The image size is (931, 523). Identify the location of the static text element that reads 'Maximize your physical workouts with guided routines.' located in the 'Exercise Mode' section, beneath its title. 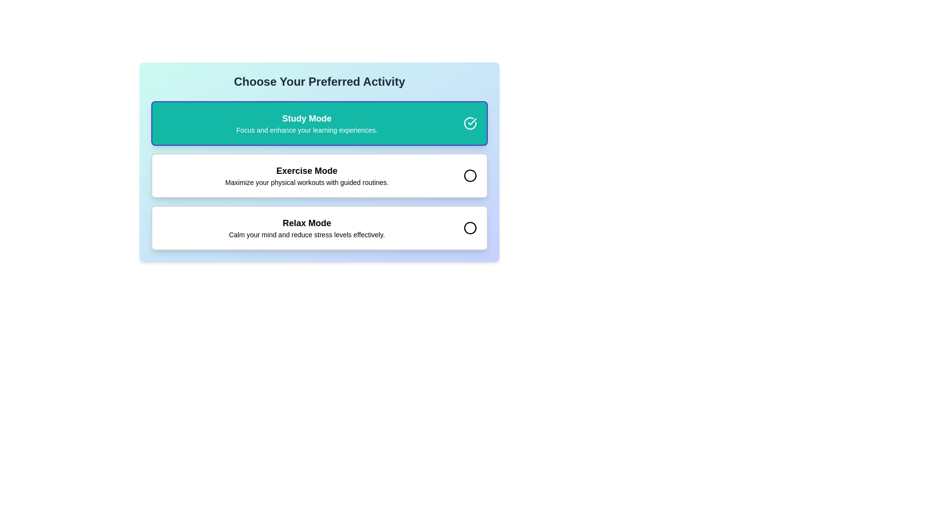
(306, 183).